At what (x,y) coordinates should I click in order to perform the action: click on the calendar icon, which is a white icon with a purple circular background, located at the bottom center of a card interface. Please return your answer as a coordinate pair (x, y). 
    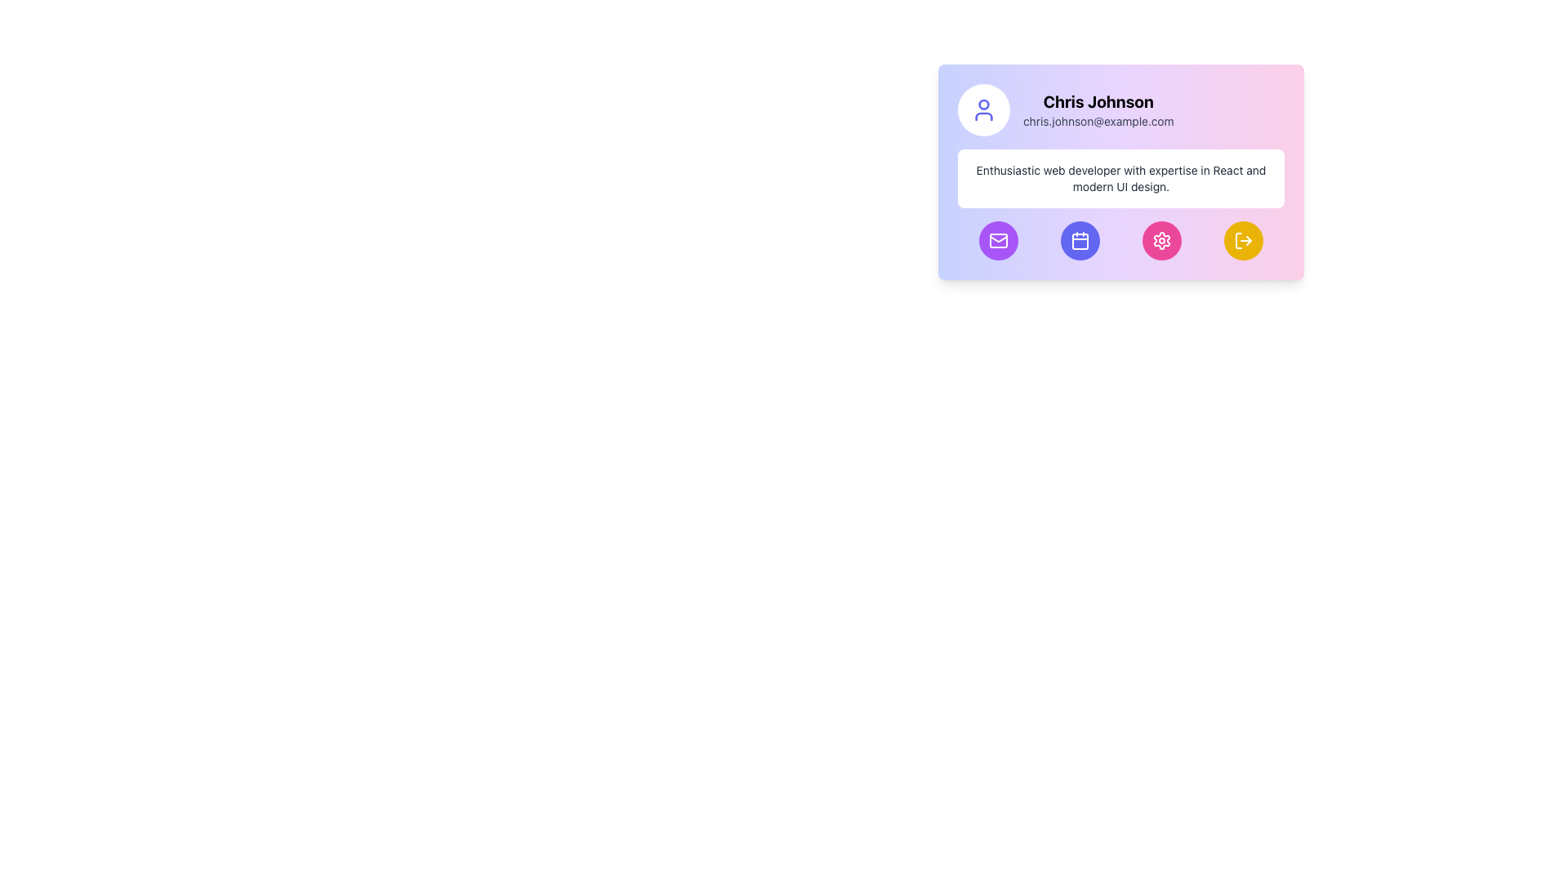
    Looking at the image, I should click on (1080, 240).